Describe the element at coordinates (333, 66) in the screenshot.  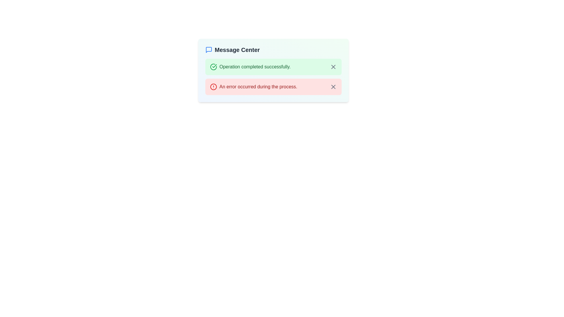
I see `the dismiss/close icon button, which is a diagonal cross (X) located in the top-right corner of the green notification area stating 'Operation completed successfully'` at that location.